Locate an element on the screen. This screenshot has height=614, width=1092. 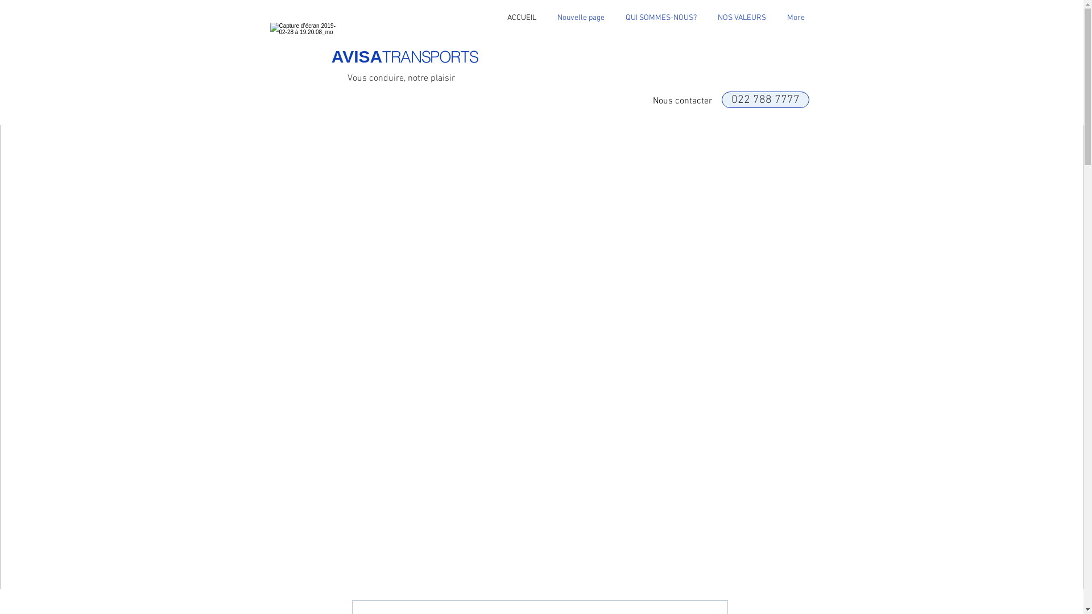
'AVISA' is located at coordinates (330, 56).